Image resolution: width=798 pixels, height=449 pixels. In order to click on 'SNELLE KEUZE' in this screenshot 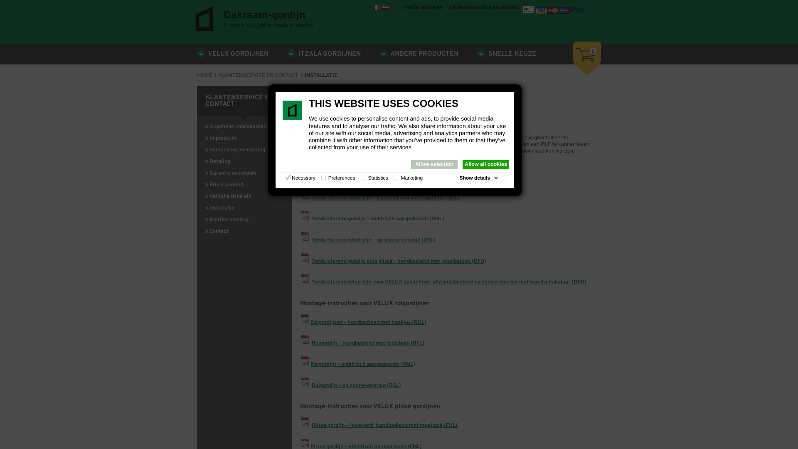, I will do `click(506, 54)`.